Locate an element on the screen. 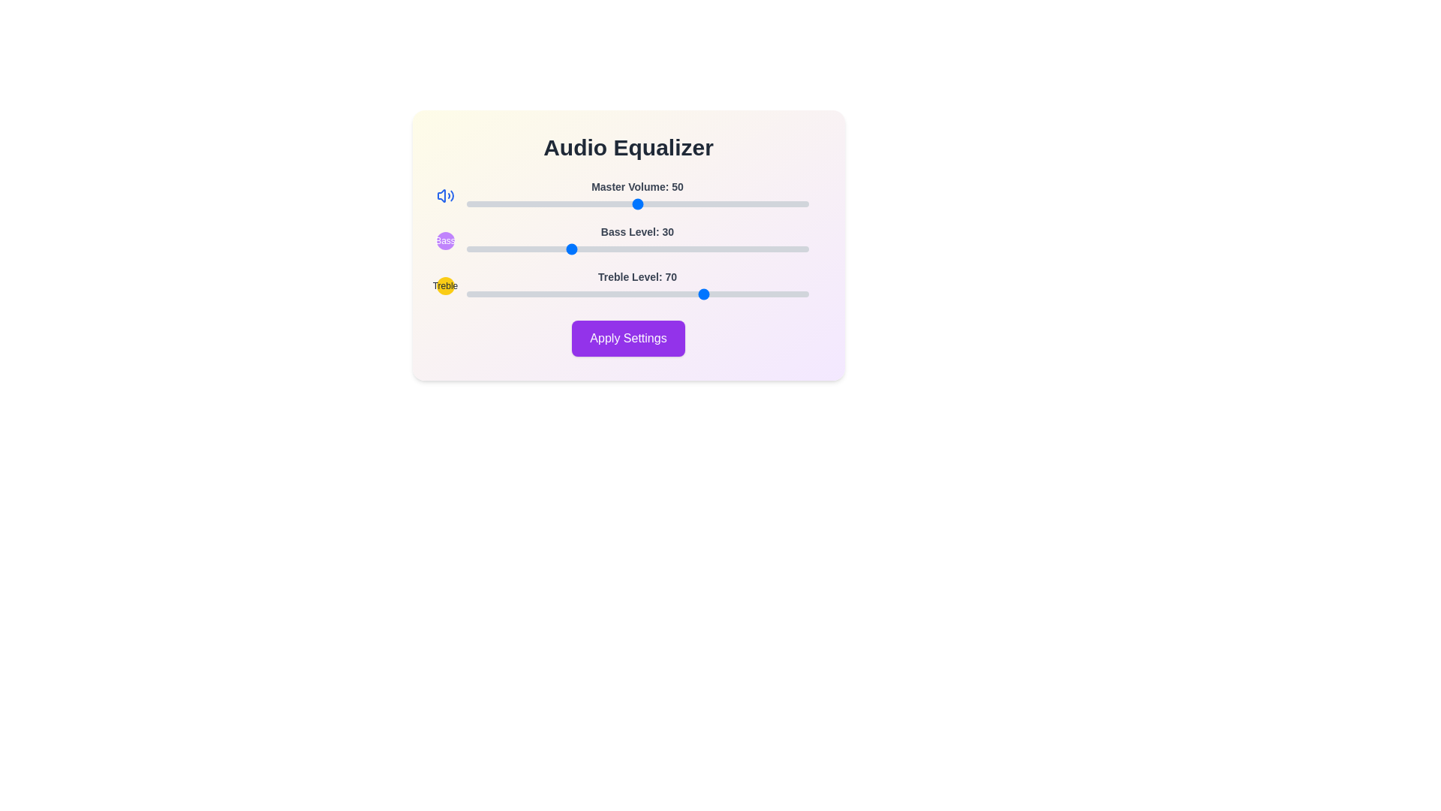  Treble Level is located at coordinates (790, 294).